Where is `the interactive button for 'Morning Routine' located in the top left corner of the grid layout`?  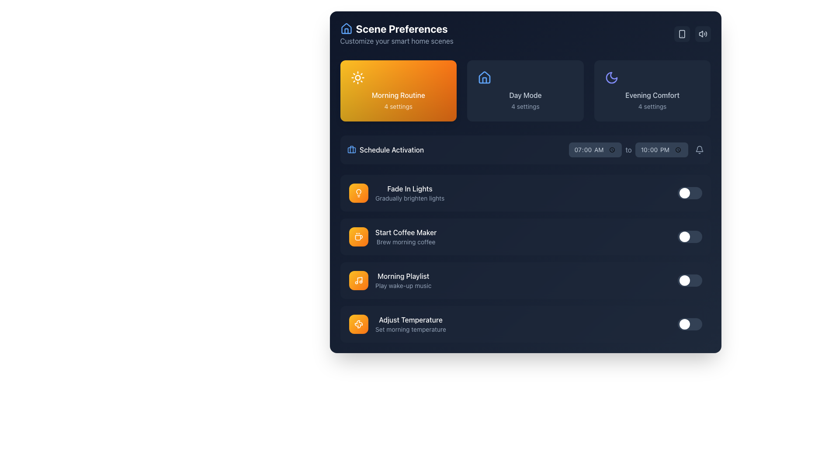
the interactive button for 'Morning Routine' located in the top left corner of the grid layout is located at coordinates (398, 91).